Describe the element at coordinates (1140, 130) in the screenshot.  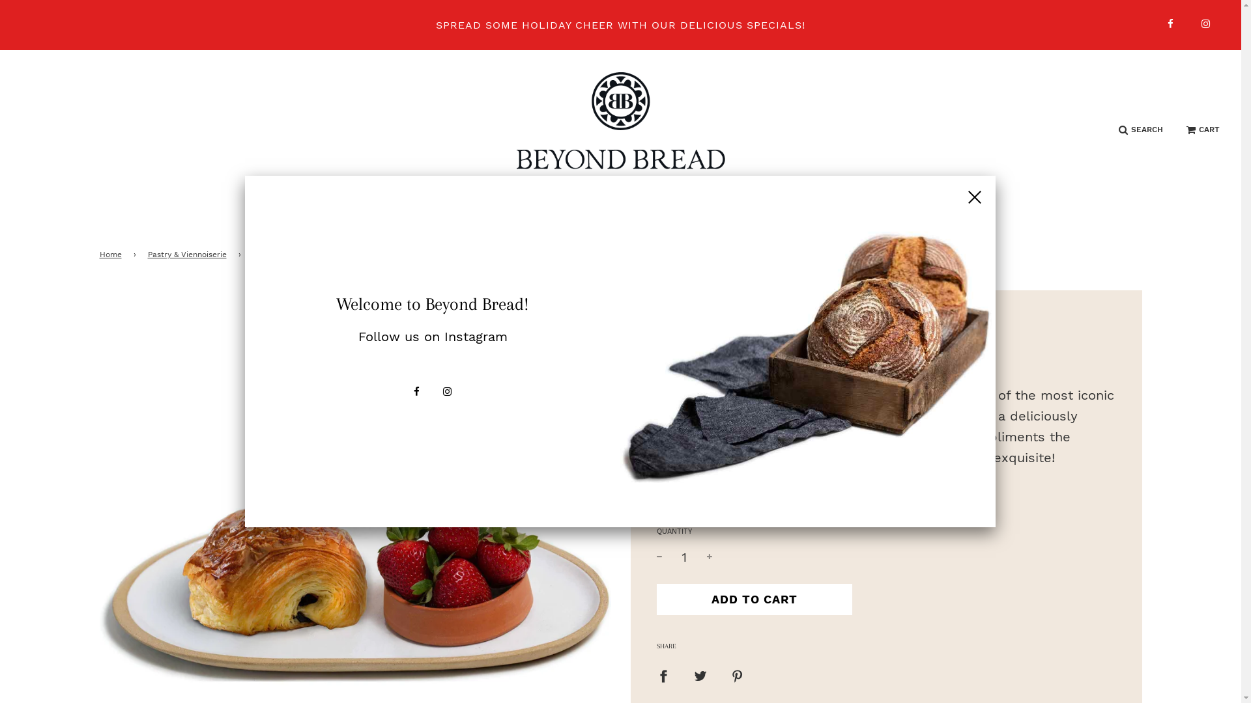
I see `'SEARCH'` at that location.